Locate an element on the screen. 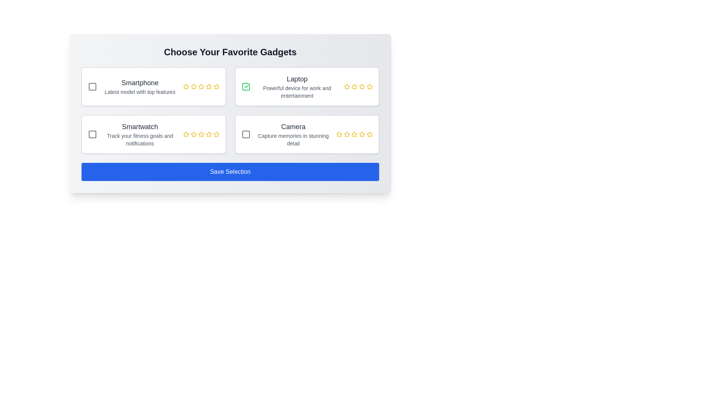 This screenshot has height=409, width=728. the third star-shaped rating icon outlined in yellow in the 'Camera' section located at the bottom-right corner of the layout is located at coordinates (347, 134).